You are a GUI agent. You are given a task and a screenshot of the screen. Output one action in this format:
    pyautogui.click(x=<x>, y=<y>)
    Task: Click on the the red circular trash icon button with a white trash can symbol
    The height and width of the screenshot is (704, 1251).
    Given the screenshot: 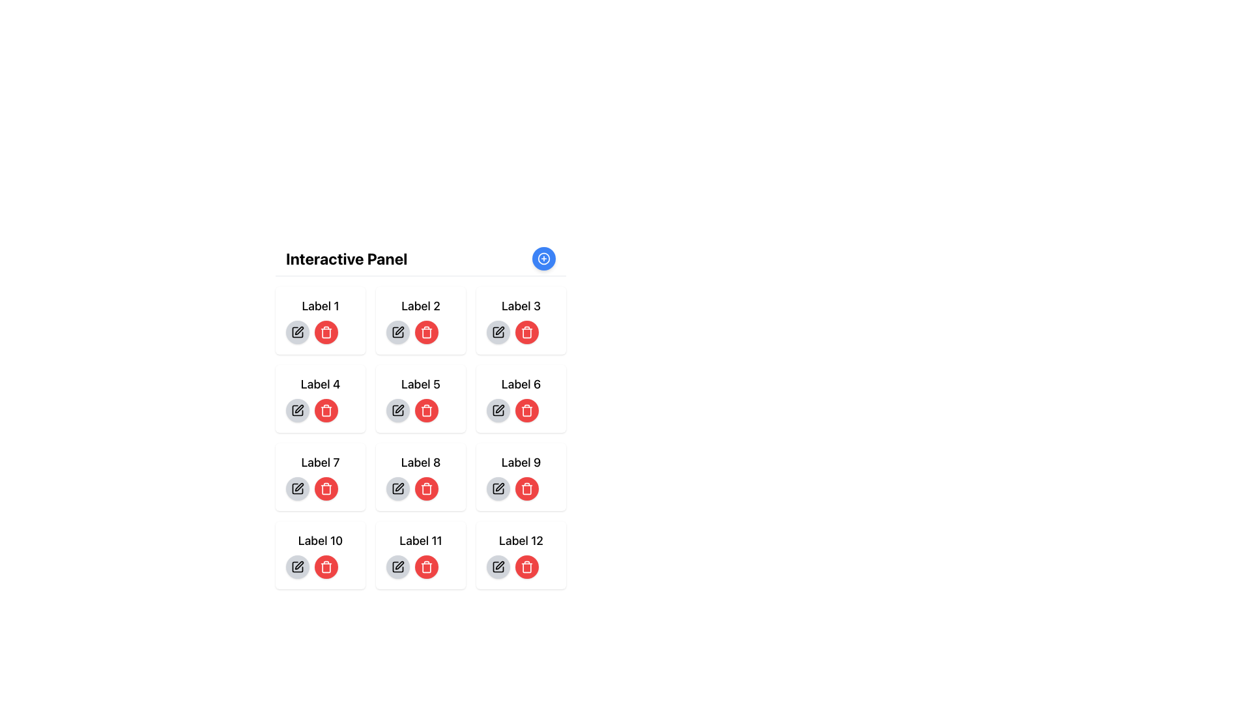 What is the action you would take?
    pyautogui.click(x=326, y=567)
    